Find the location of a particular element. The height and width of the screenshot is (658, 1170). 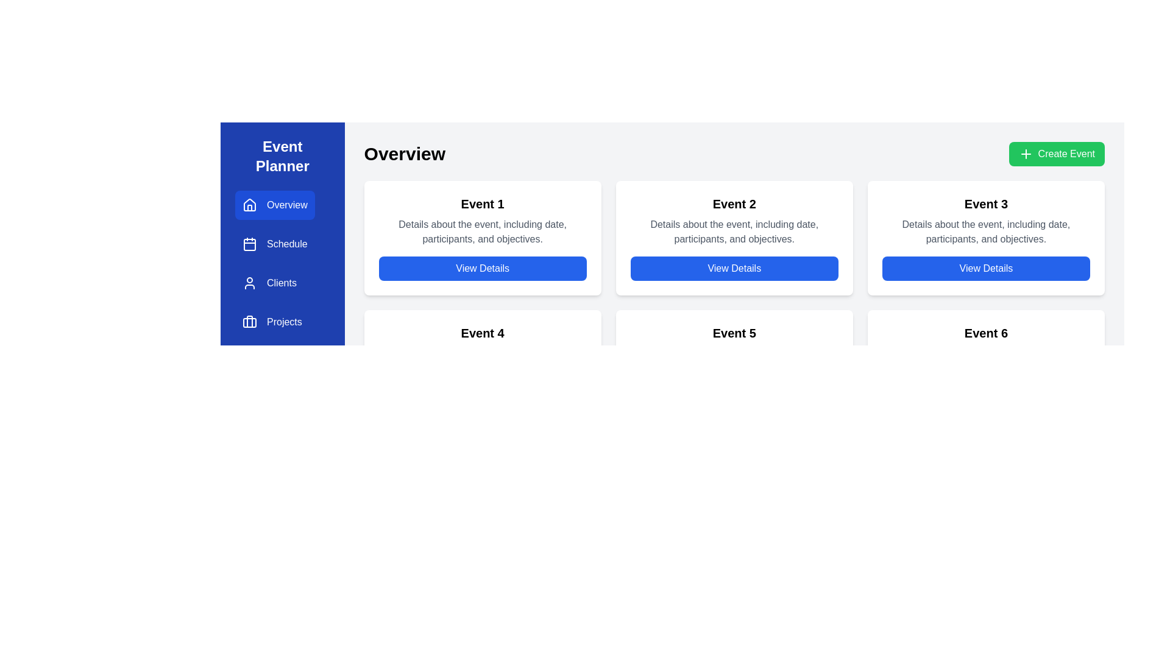

the door icon representing the 'Overview' section in the left vertical blue sidebar of the application is located at coordinates (249, 207).